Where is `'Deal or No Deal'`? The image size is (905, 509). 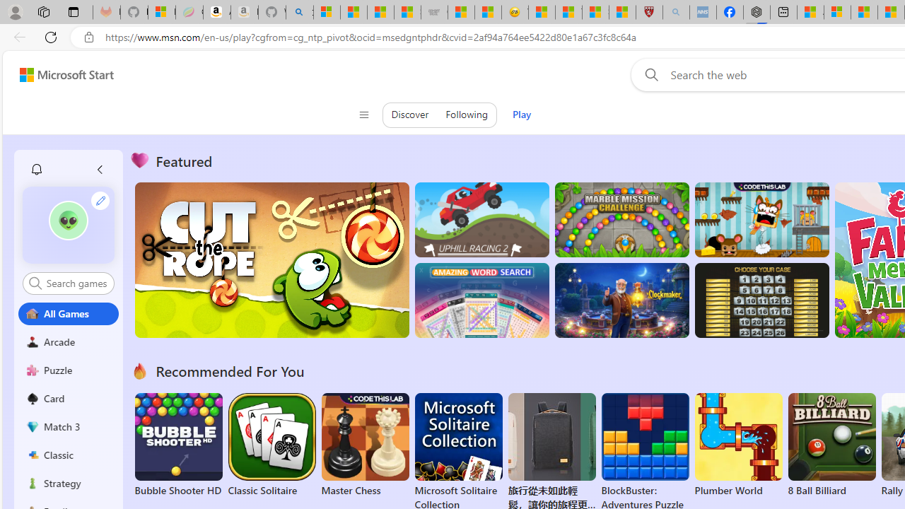
'Deal or No Deal' is located at coordinates (761, 300).